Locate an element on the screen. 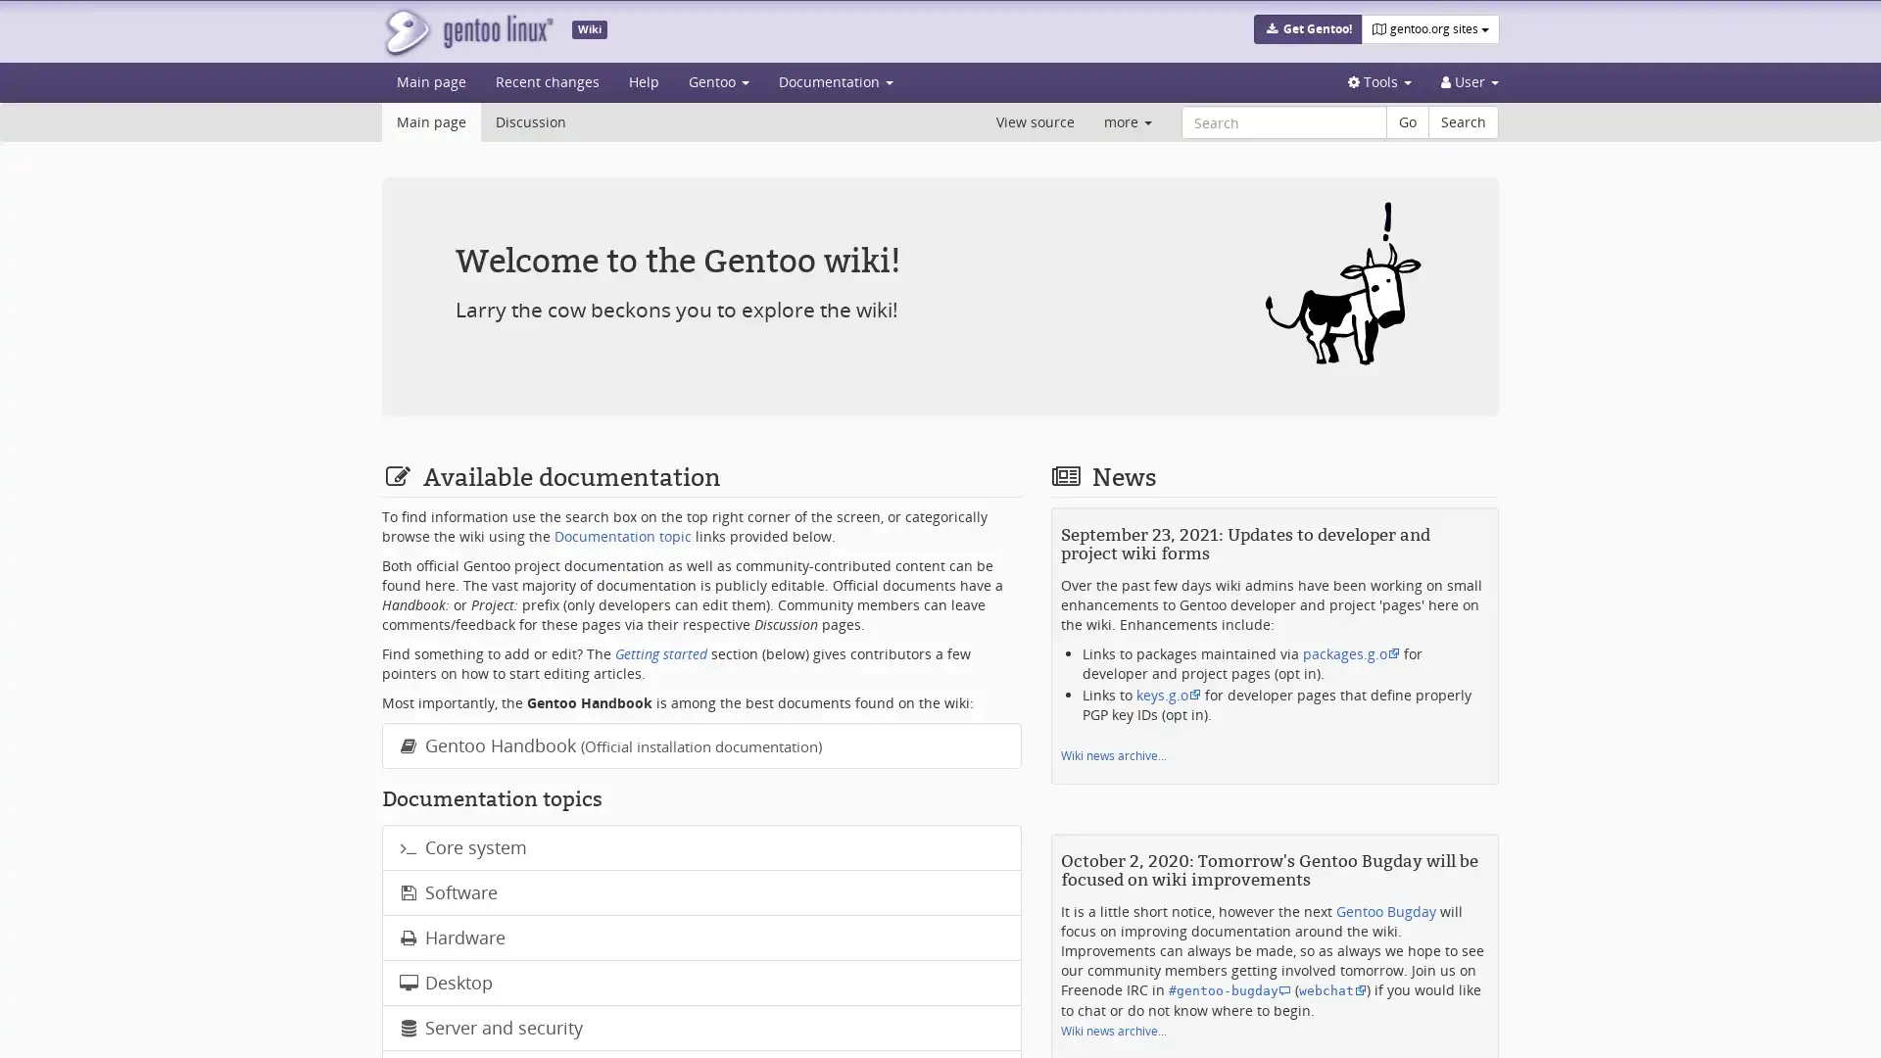  Get Gentoo! is located at coordinates (1307, 29).